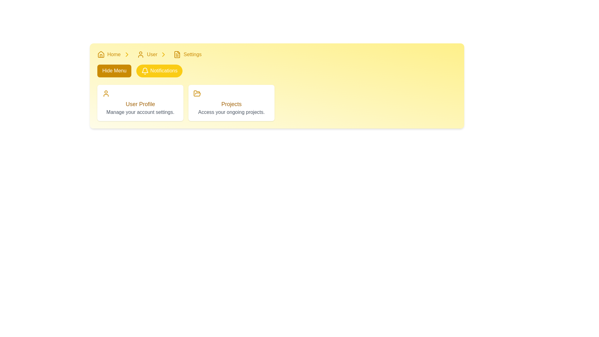  I want to click on the yellow user icon located to the left of the 'User' text in the navigation breadcrumb at the top-center of the interface, so click(140, 54).